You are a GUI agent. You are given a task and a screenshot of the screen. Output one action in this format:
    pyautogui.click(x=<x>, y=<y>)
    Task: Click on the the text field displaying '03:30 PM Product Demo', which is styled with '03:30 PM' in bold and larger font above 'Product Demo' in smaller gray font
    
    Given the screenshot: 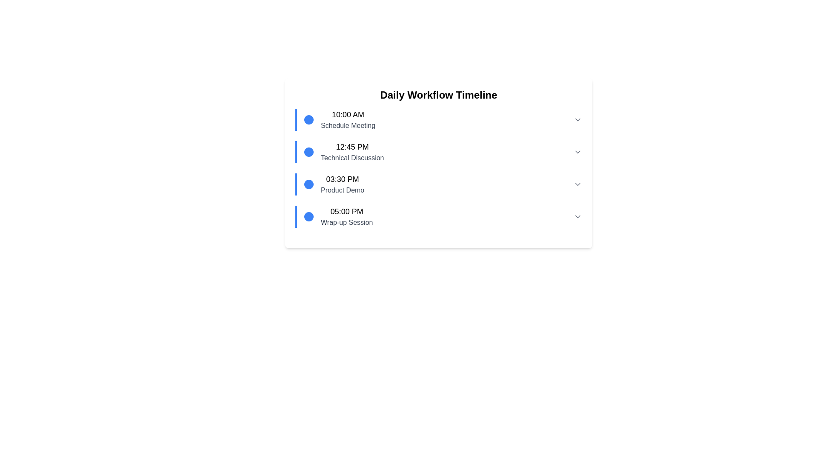 What is the action you would take?
    pyautogui.click(x=343, y=184)
    